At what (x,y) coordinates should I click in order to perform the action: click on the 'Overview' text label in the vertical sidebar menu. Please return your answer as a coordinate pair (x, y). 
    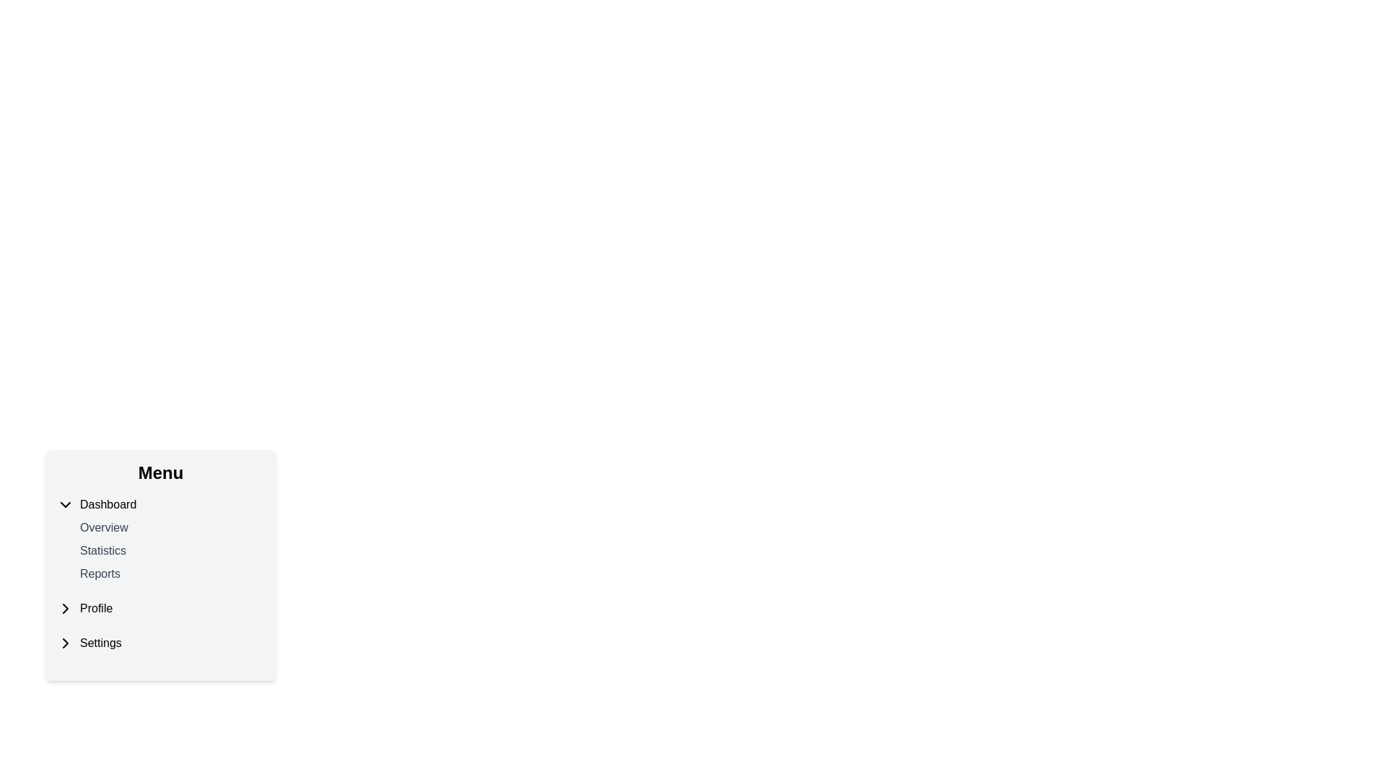
    Looking at the image, I should click on (103, 528).